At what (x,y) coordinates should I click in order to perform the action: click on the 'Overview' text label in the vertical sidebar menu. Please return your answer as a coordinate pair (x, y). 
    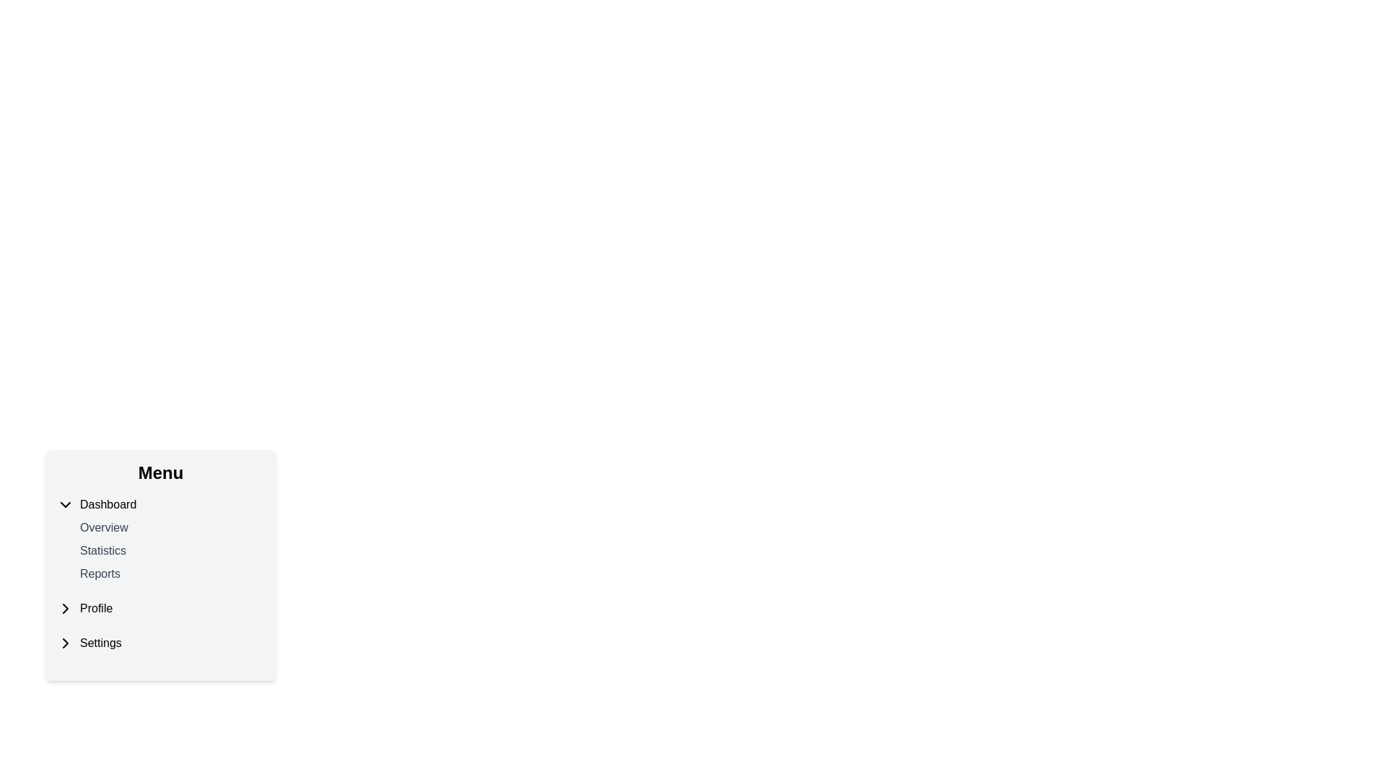
    Looking at the image, I should click on (103, 528).